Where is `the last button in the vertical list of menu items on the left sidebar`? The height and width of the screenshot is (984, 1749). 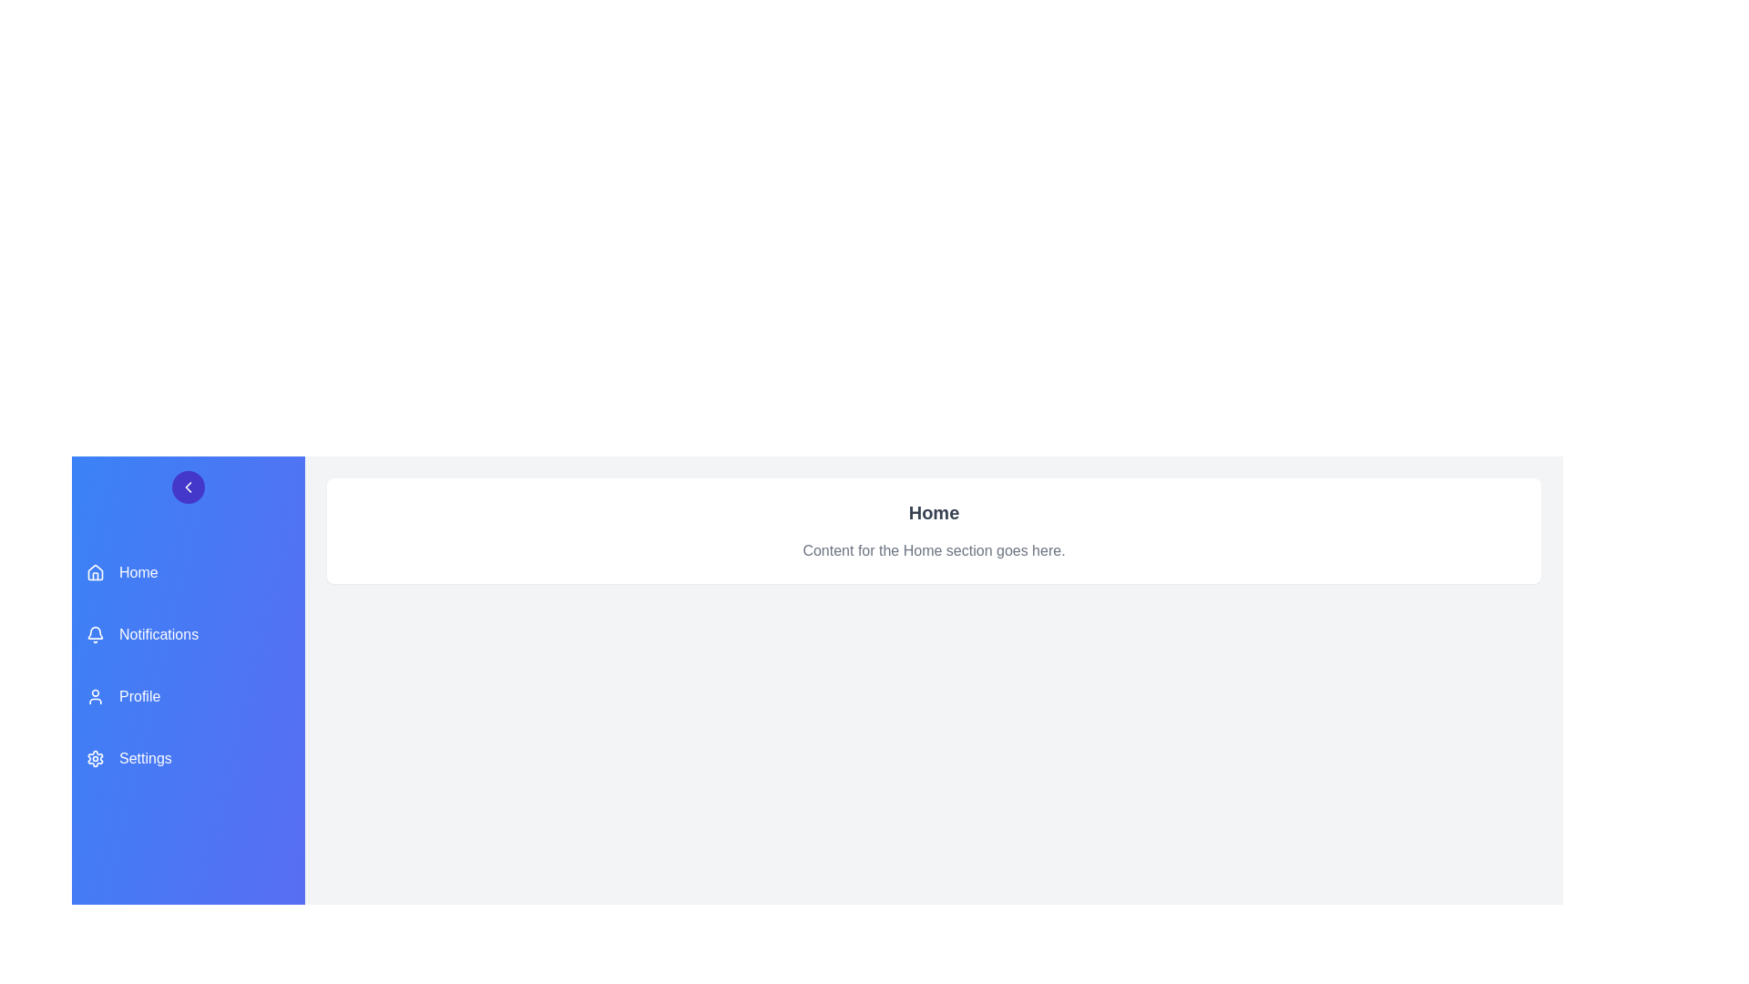 the last button in the vertical list of menu items on the left sidebar is located at coordinates (188, 759).